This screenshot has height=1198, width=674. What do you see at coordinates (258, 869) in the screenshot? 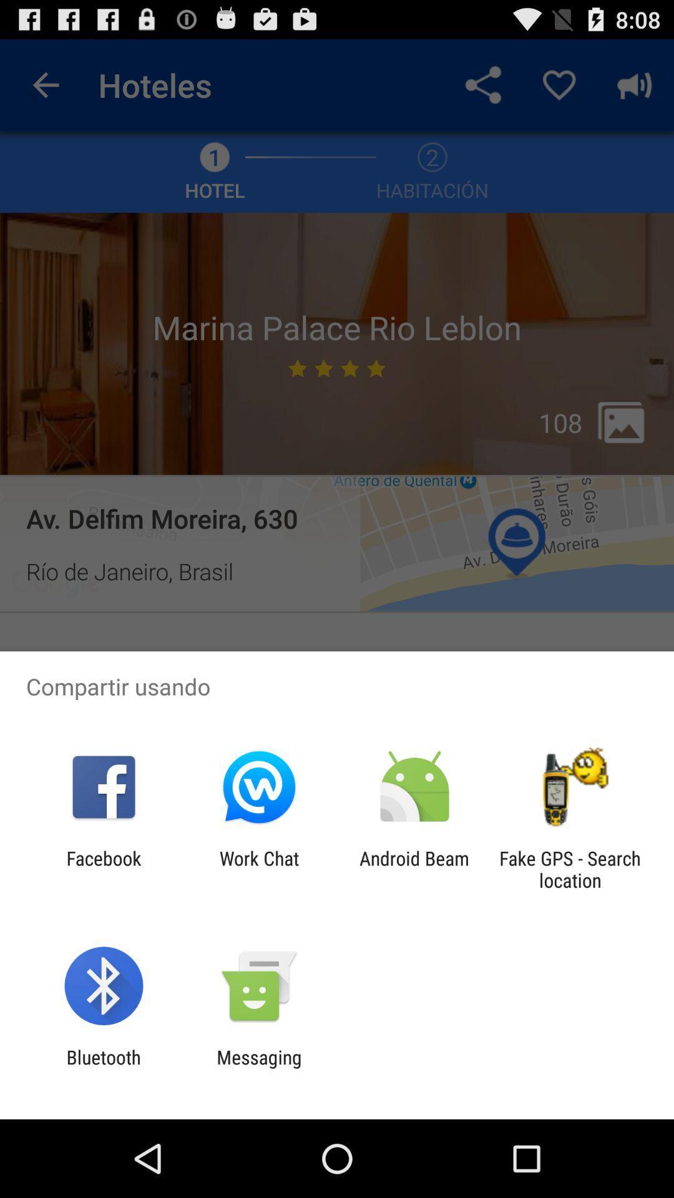
I see `the item to the left of the android beam` at bounding box center [258, 869].